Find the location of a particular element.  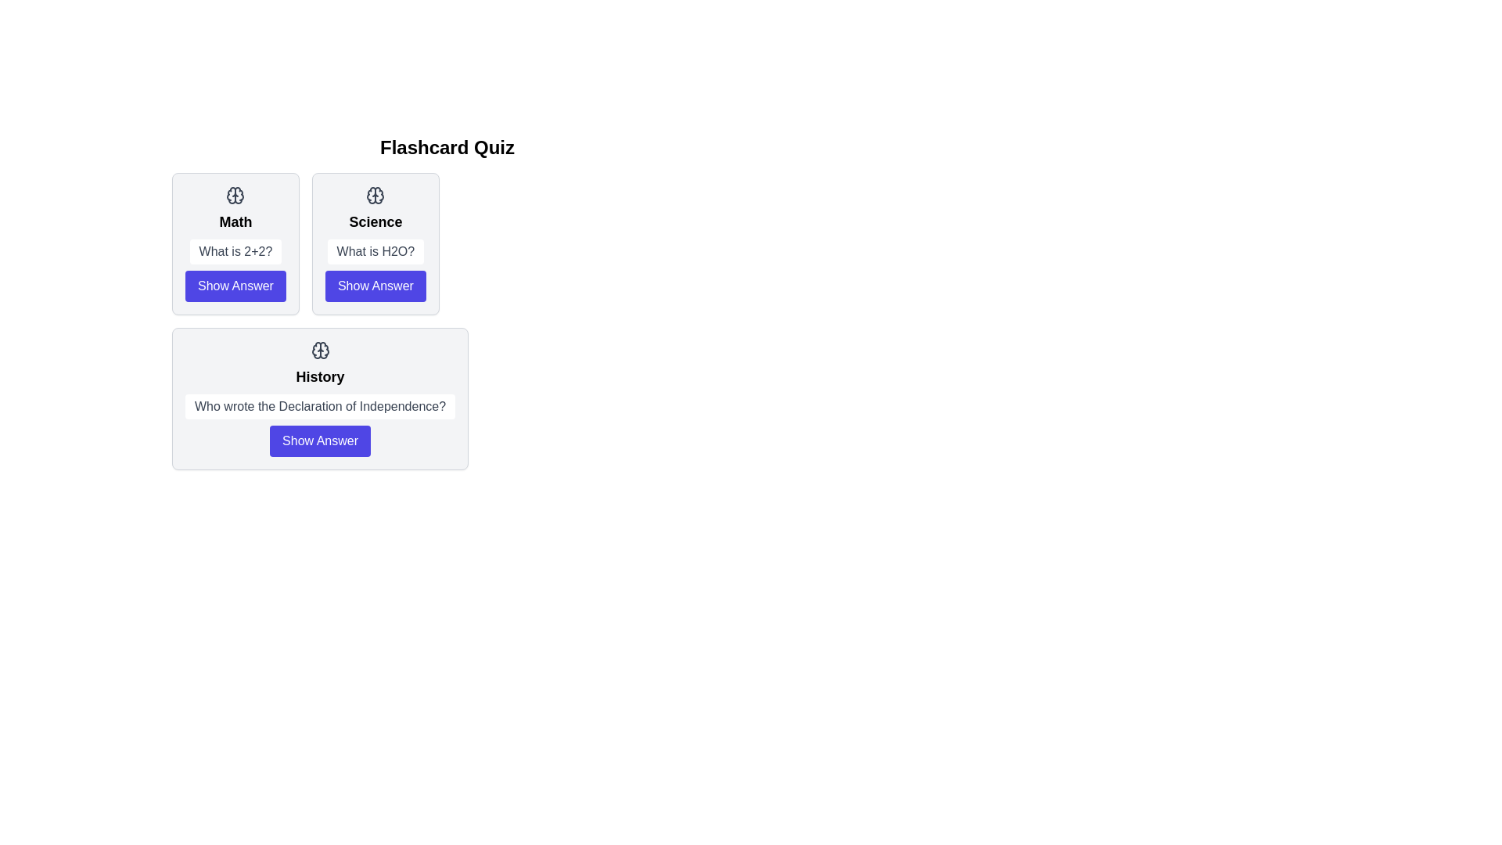

the 'Show Answer' button for the Science flashcard is located at coordinates (375, 286).